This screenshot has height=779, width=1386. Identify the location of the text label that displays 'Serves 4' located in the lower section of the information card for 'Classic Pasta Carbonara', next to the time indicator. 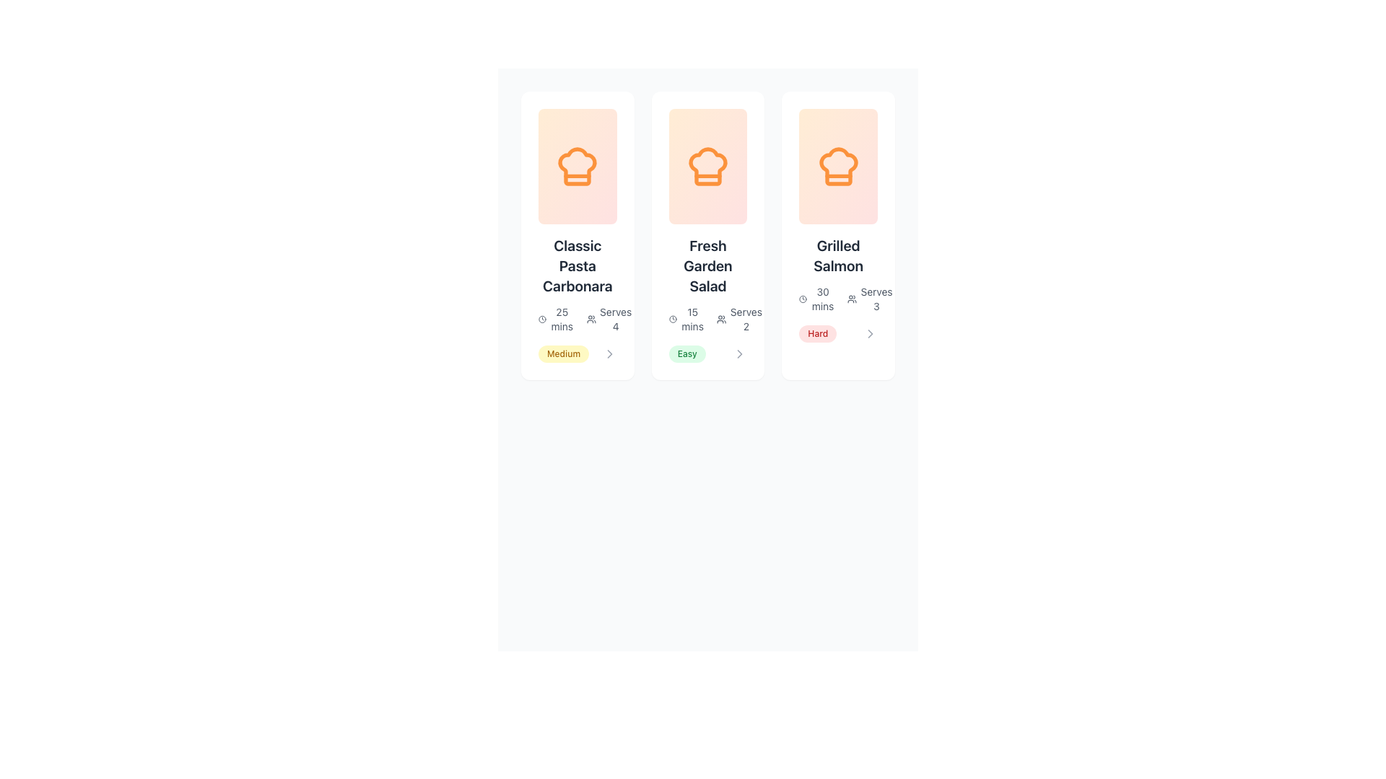
(616, 319).